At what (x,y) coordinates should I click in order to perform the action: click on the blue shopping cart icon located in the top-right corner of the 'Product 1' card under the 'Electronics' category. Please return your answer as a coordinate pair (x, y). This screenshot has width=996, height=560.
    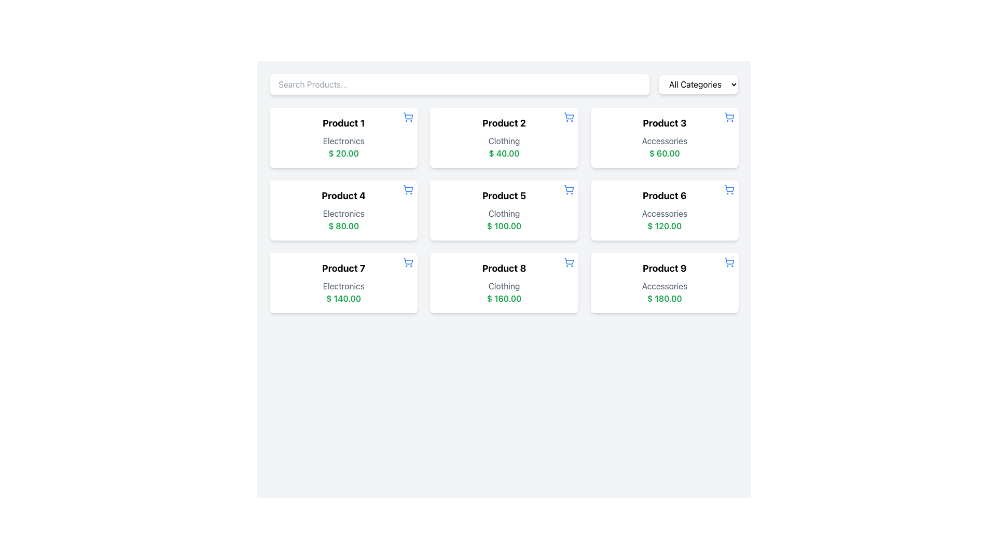
    Looking at the image, I should click on (408, 117).